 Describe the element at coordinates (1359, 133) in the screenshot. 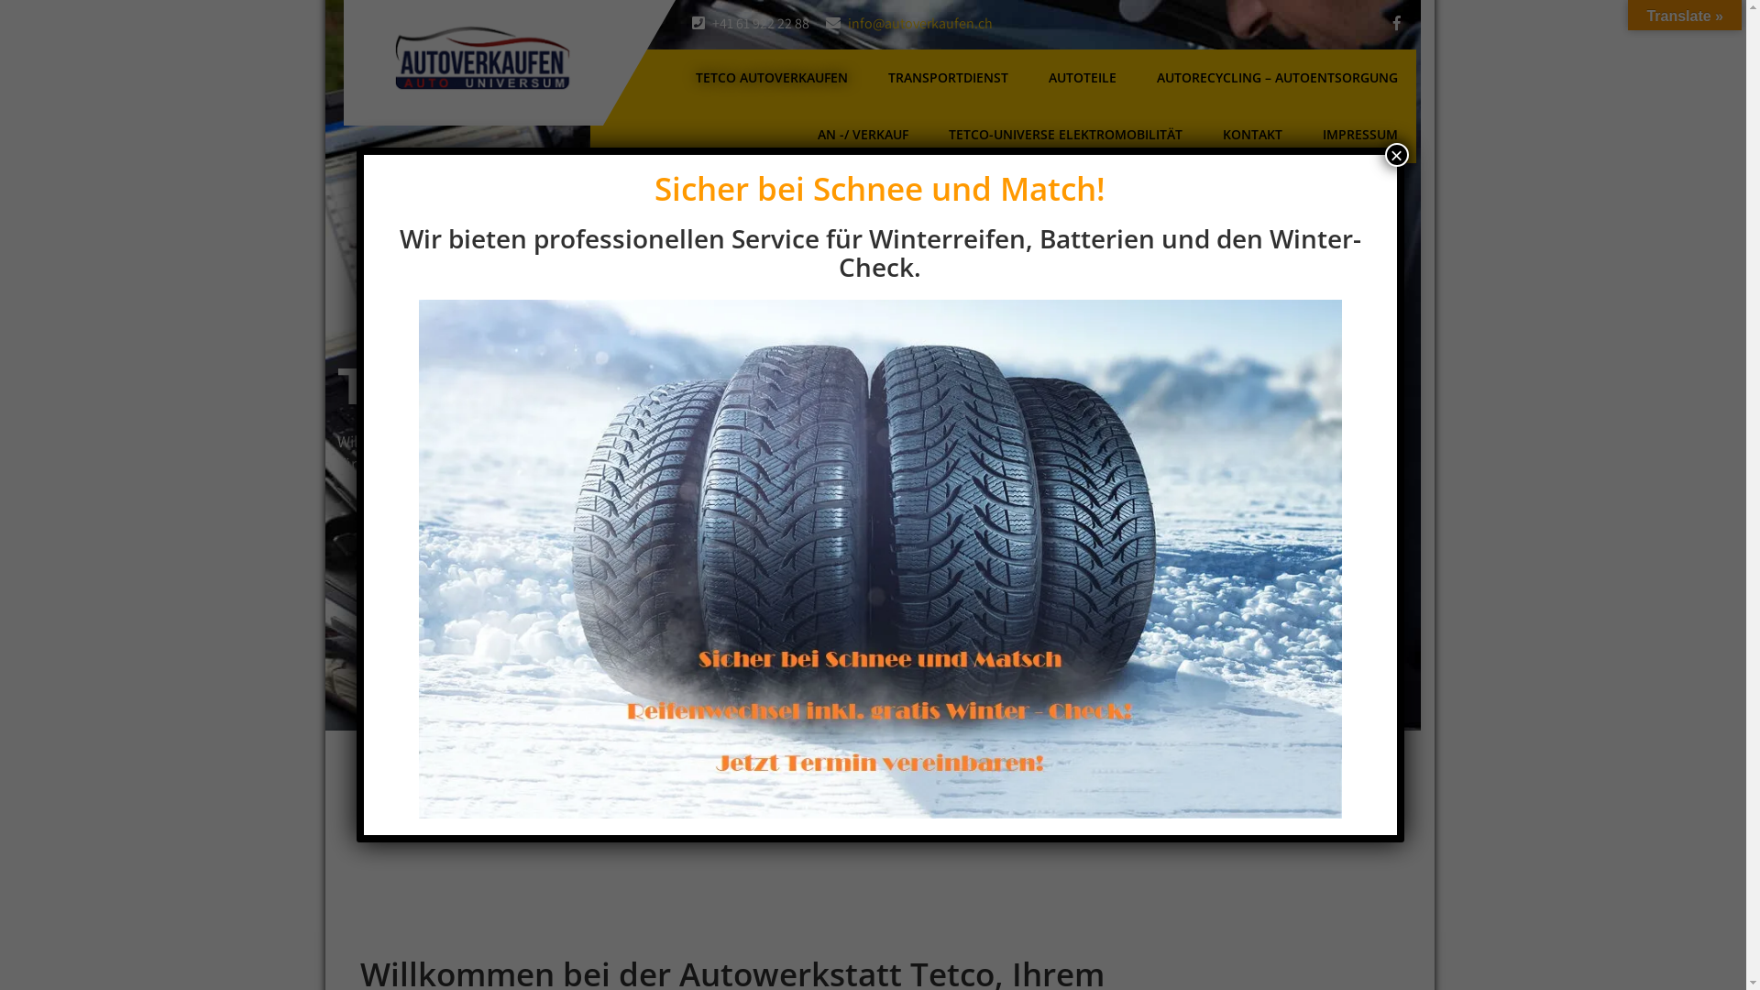

I see `'IMPRESSUM'` at that location.